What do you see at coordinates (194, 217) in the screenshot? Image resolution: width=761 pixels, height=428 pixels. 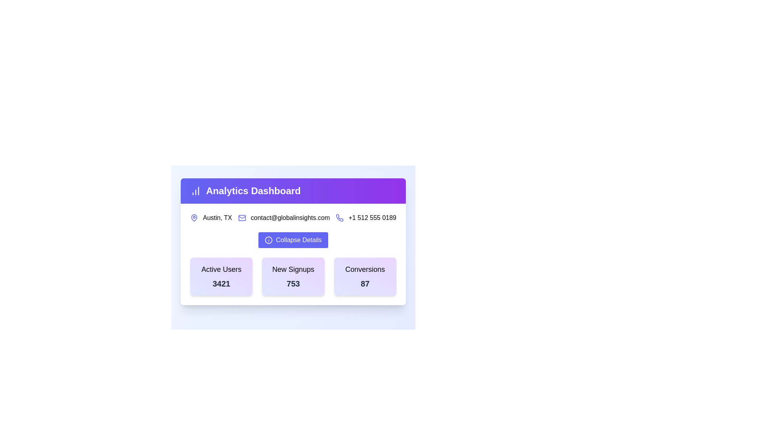 I see `the geographic location icon indicating 'Austin, TX'` at bounding box center [194, 217].